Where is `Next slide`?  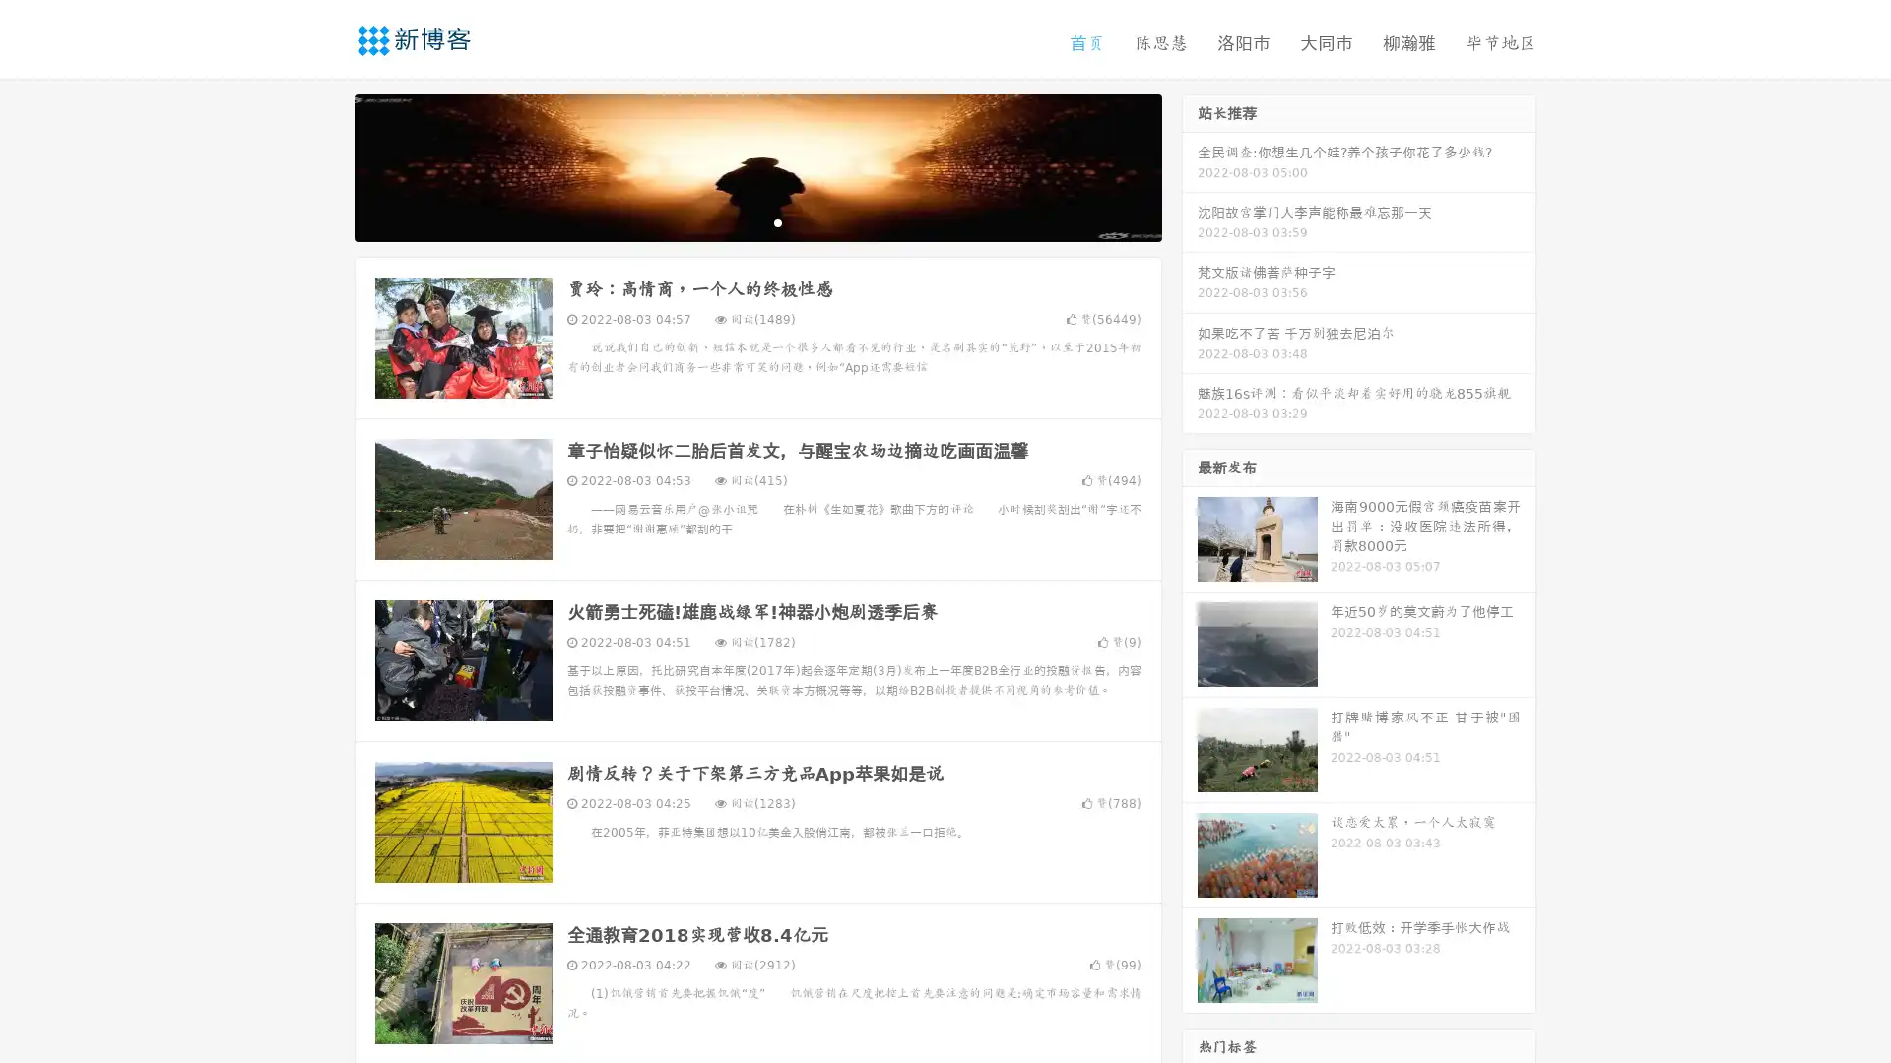 Next slide is located at coordinates (1190, 165).